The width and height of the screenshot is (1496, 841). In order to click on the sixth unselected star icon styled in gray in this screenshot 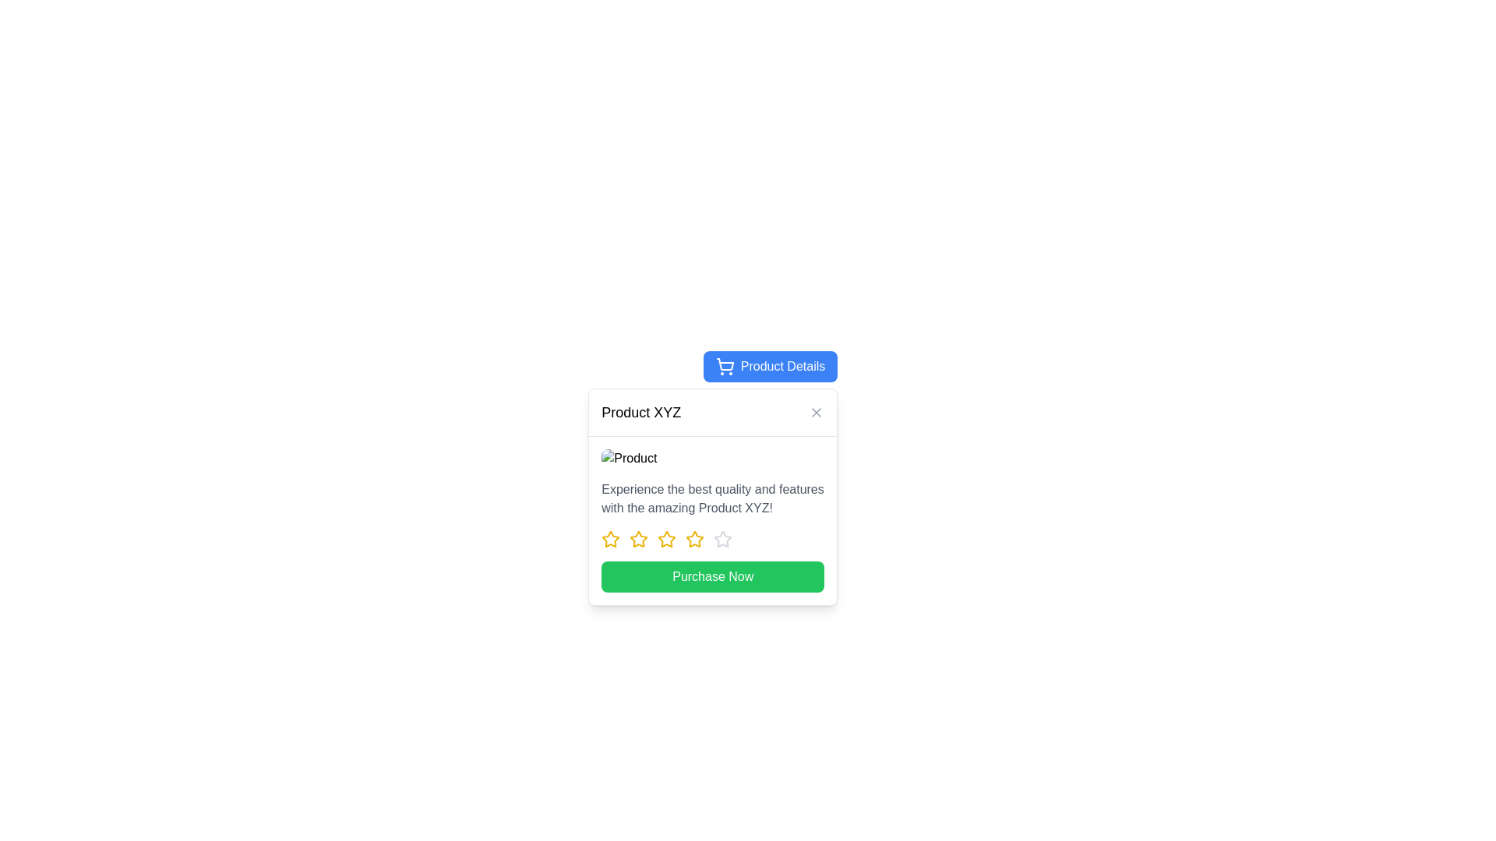, I will do `click(722, 539)`.